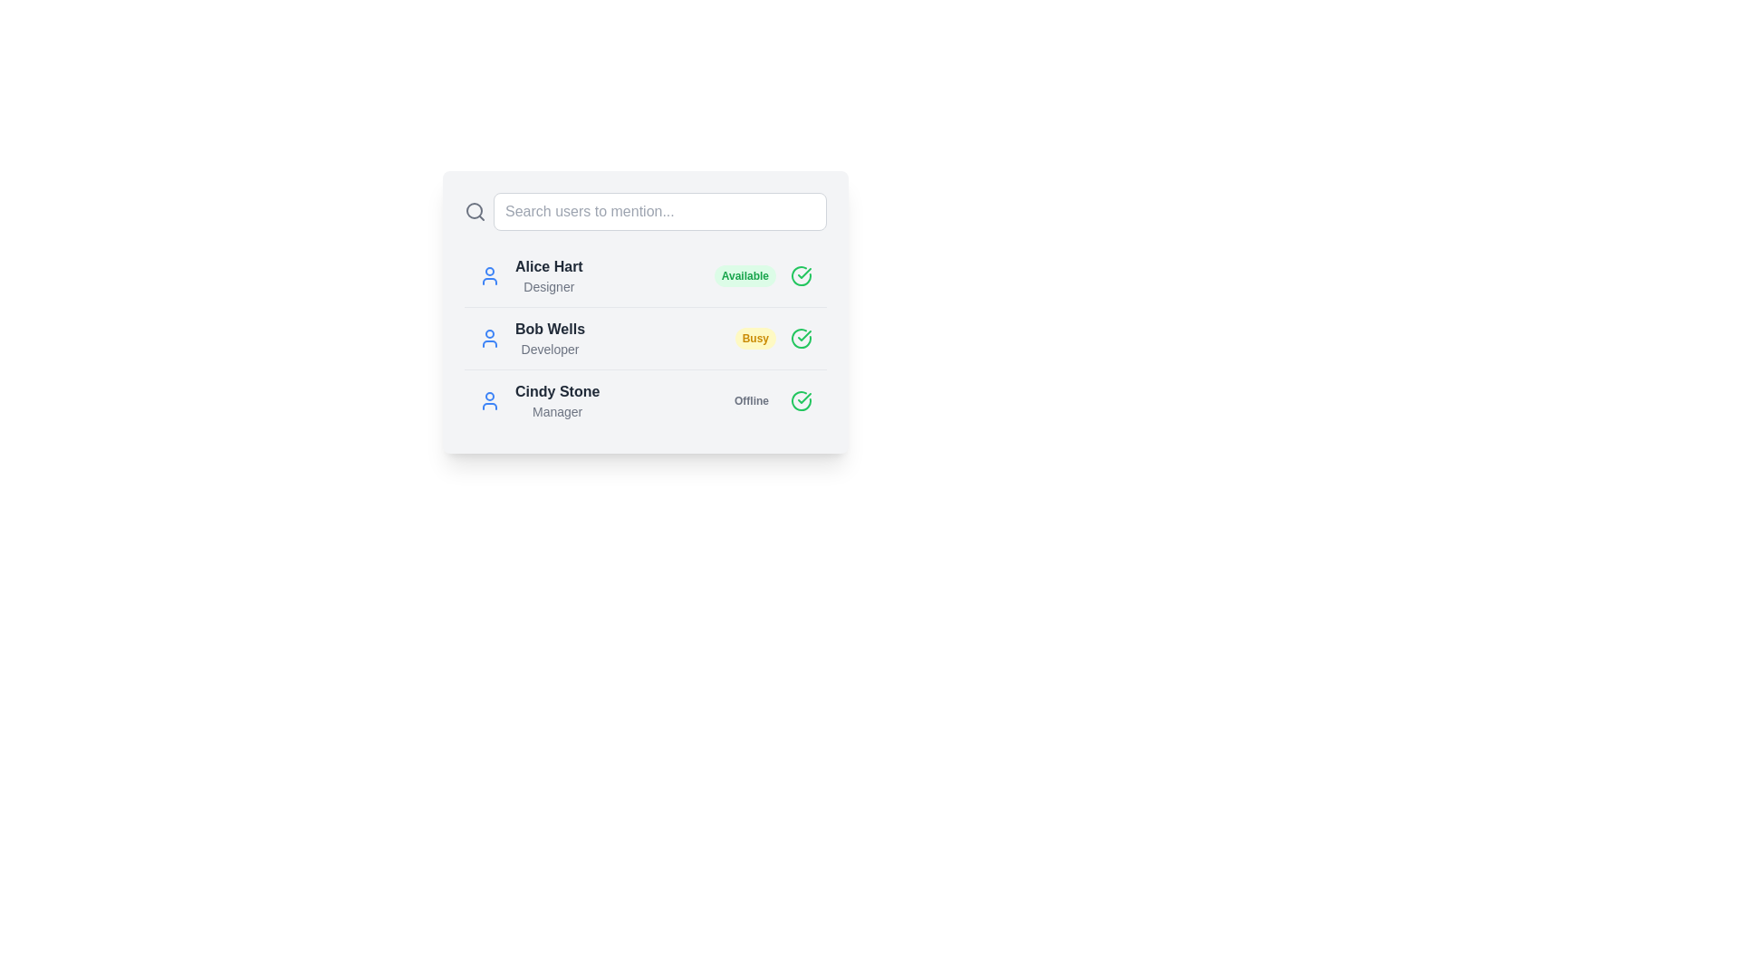  What do you see at coordinates (745, 275) in the screenshot?
I see `the status indicator label located on the right-hand side of the first row, beside 'Alice Hart Designer', which indicates user availability` at bounding box center [745, 275].